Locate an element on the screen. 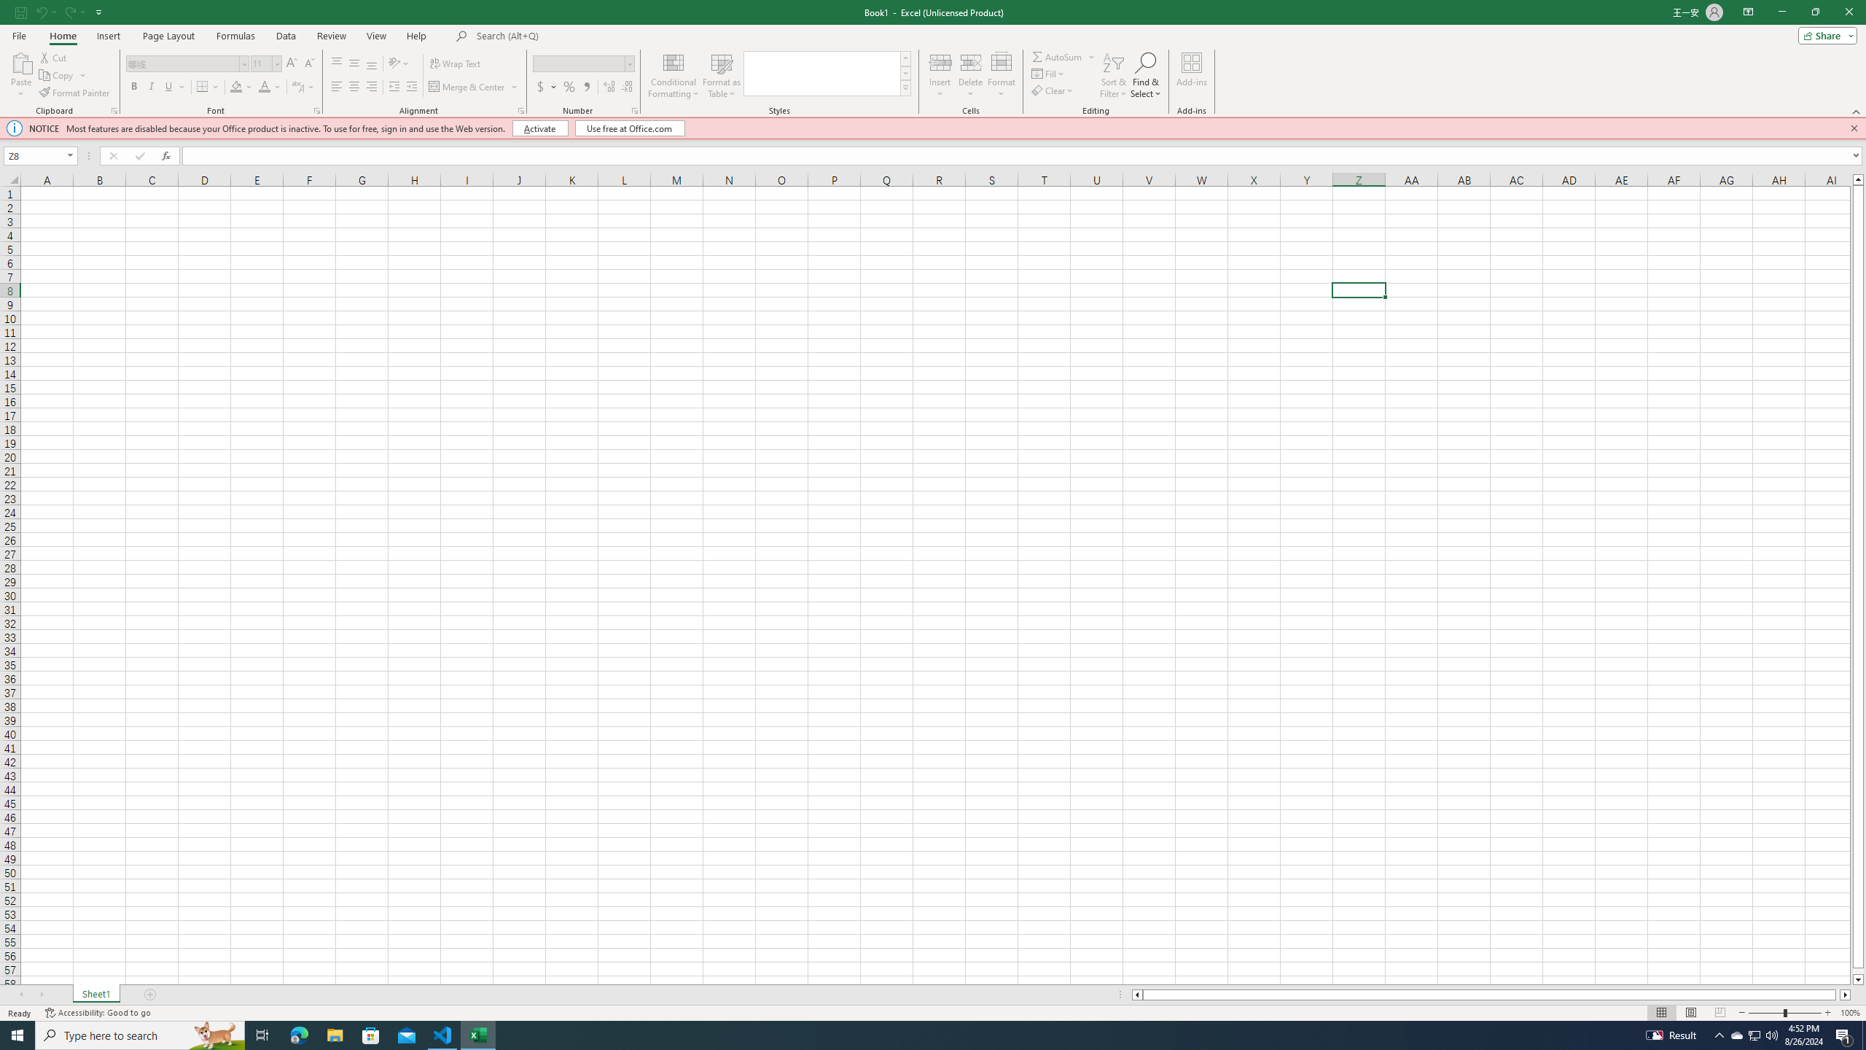 This screenshot has width=1866, height=1050. 'Wrap Text' is located at coordinates (455, 63).